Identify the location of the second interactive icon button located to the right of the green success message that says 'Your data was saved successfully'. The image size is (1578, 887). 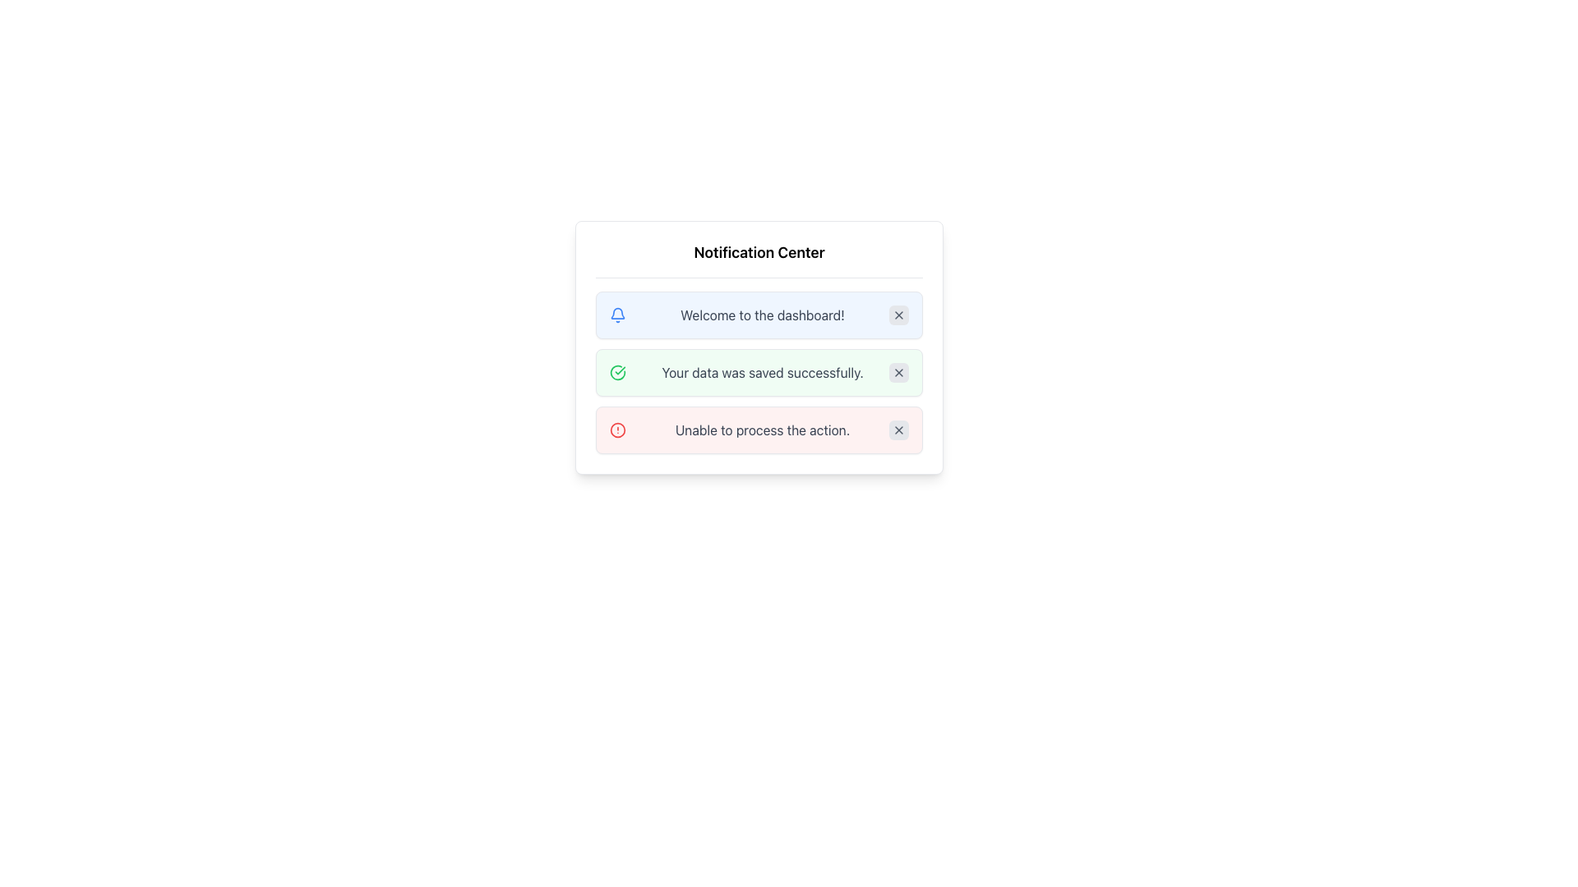
(898, 373).